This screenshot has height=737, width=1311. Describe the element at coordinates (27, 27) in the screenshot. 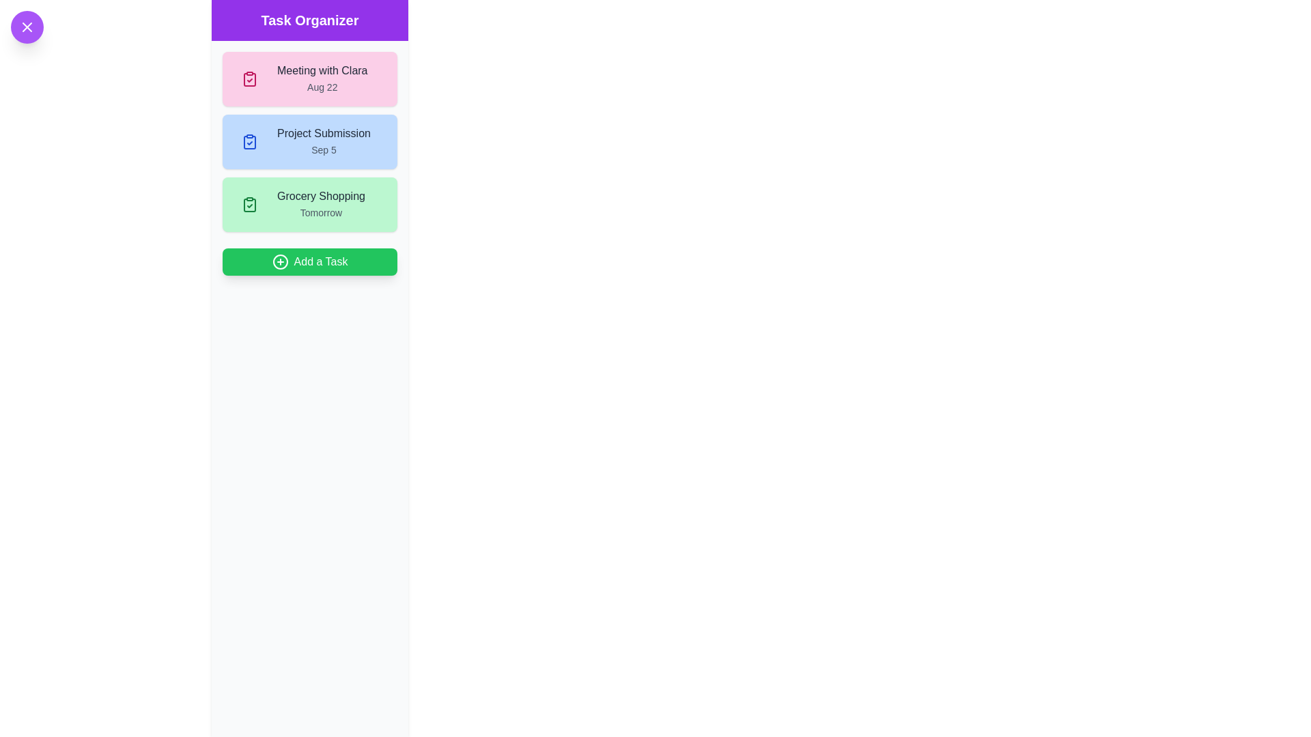

I see `toggle button at the top-left corner to toggle the drawer visibility` at that location.